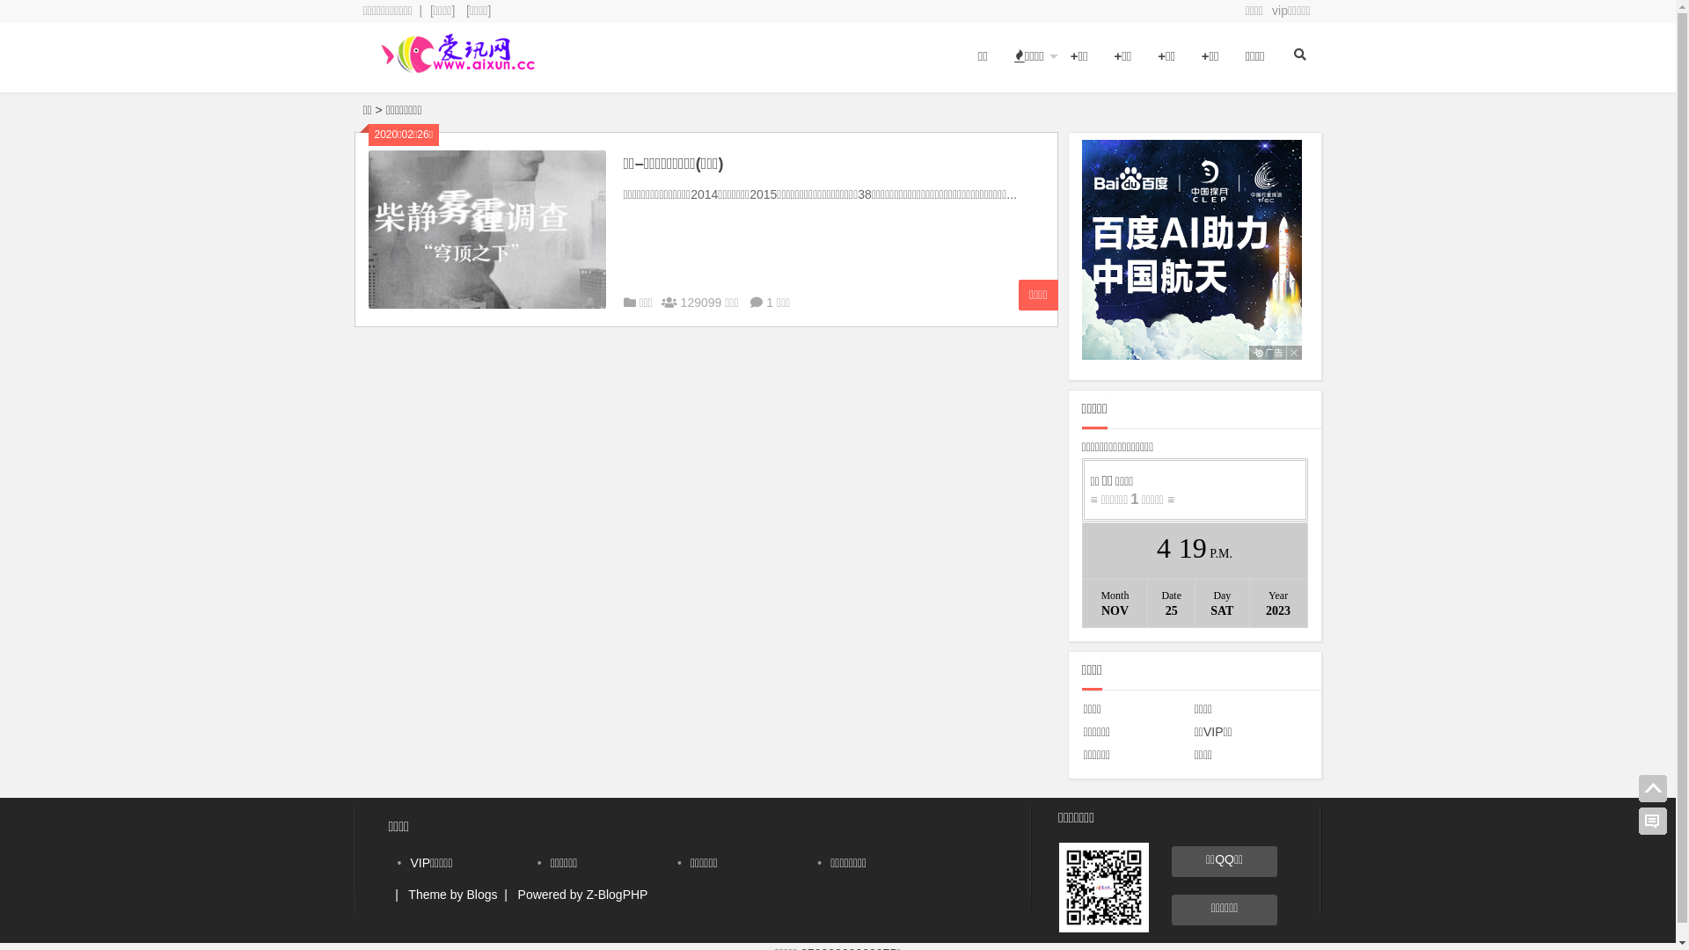  I want to click on 'Z-BlogPHP', so click(586, 895).